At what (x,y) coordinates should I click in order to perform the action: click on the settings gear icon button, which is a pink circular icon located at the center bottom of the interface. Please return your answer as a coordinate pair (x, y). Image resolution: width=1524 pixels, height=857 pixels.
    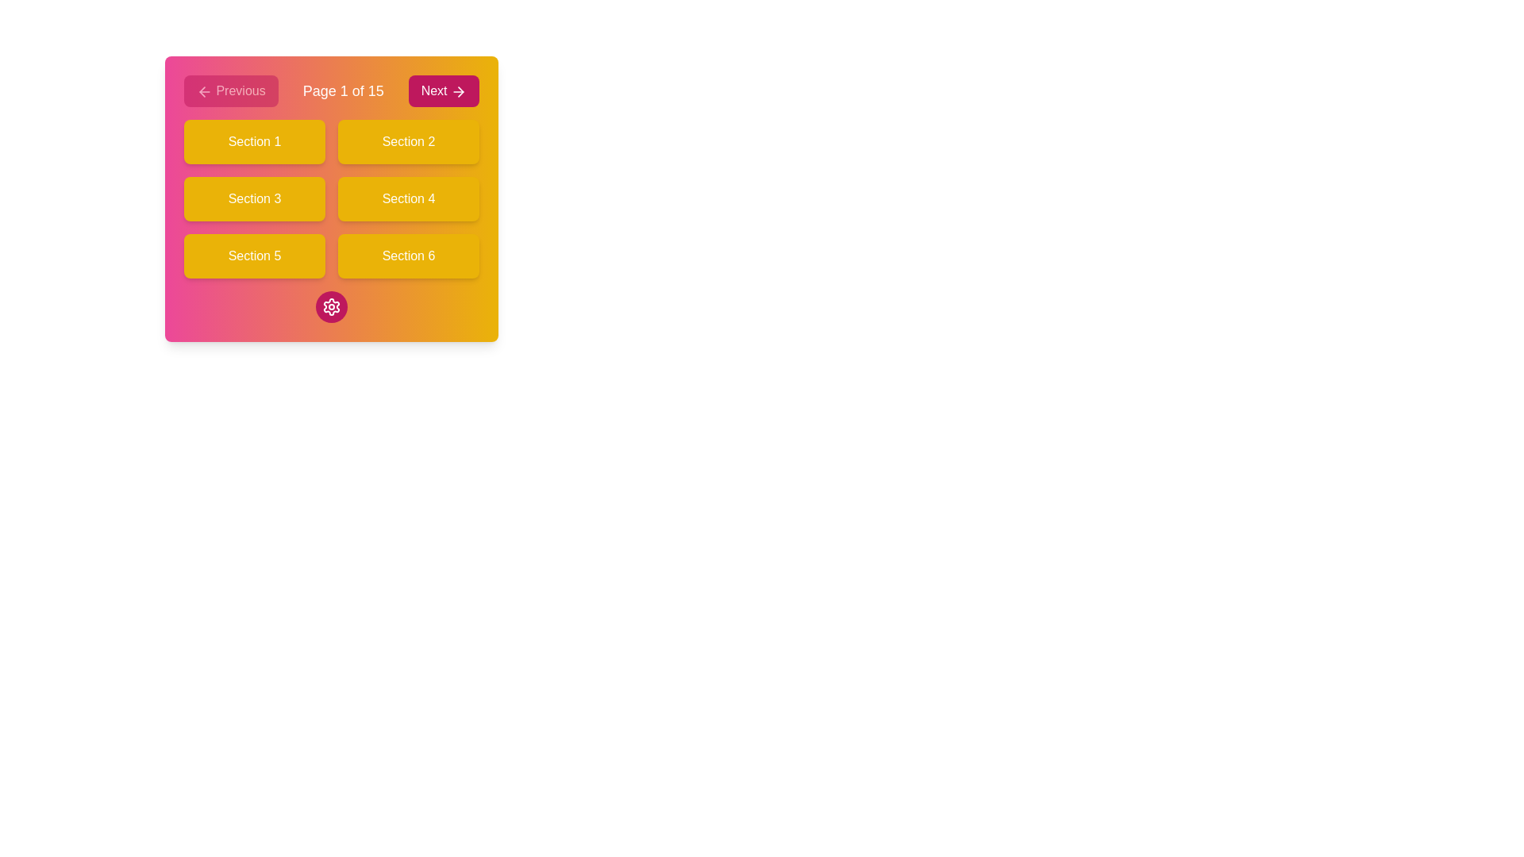
    Looking at the image, I should click on (330, 306).